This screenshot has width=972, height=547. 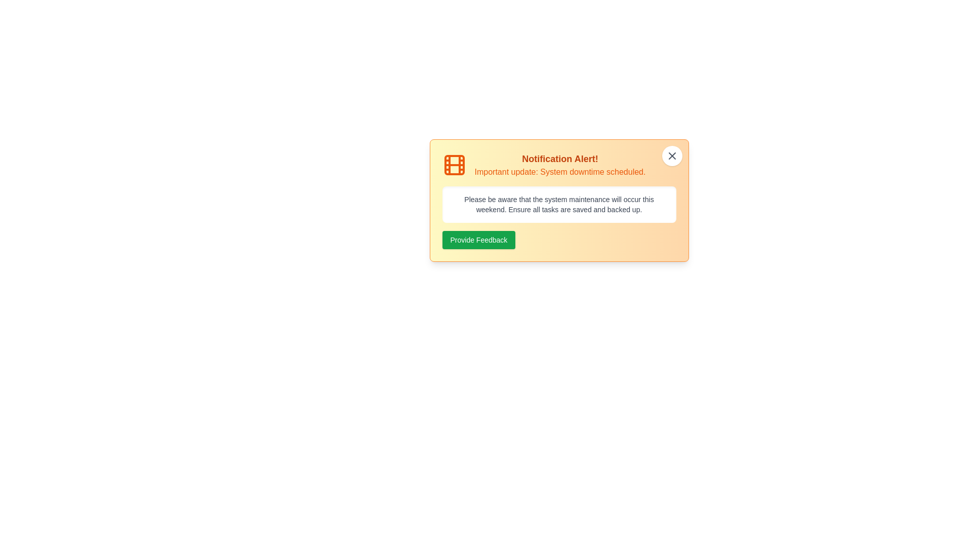 I want to click on the close button to close the alert, so click(x=672, y=156).